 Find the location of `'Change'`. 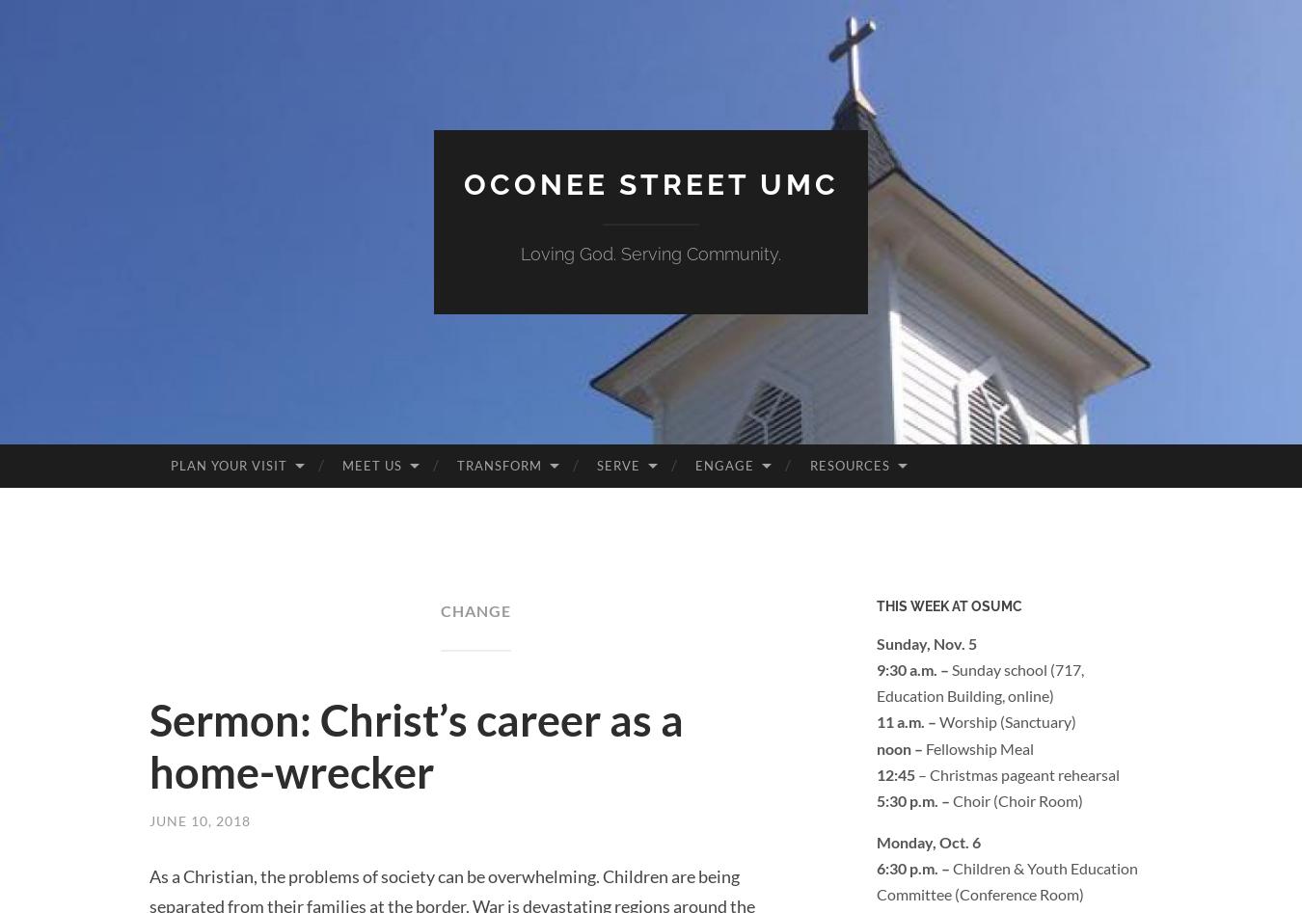

'Change' is located at coordinates (474, 609).